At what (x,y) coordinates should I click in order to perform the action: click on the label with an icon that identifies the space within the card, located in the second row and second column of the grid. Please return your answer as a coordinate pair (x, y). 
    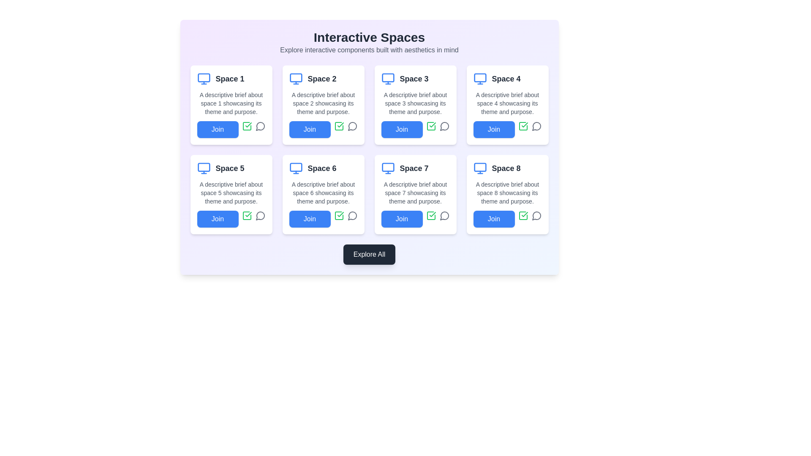
    Looking at the image, I should click on (323, 168).